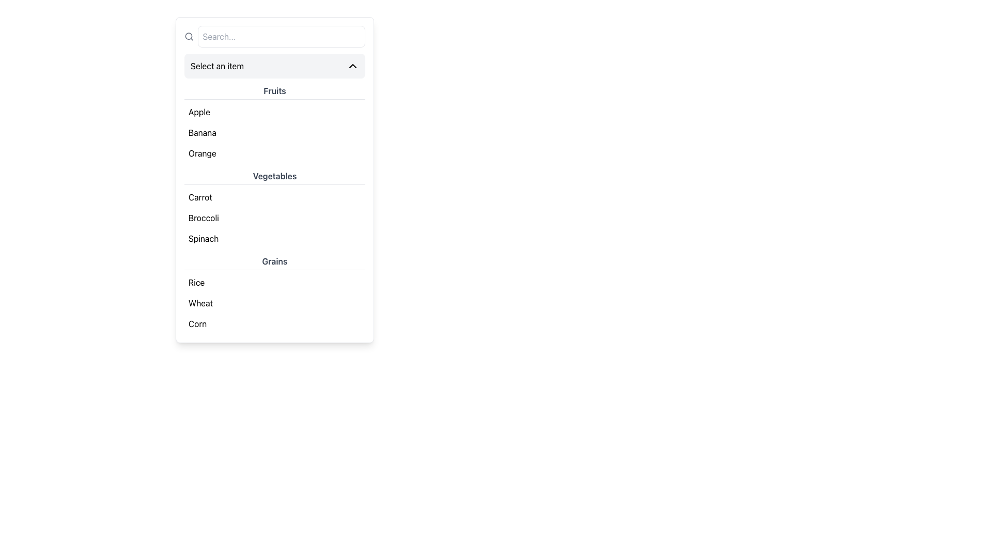  What do you see at coordinates (275, 302) in the screenshot?
I see `the dropdown menu option for 'Wheat', which is the second item in the vertical list under the 'Grains' section` at bounding box center [275, 302].